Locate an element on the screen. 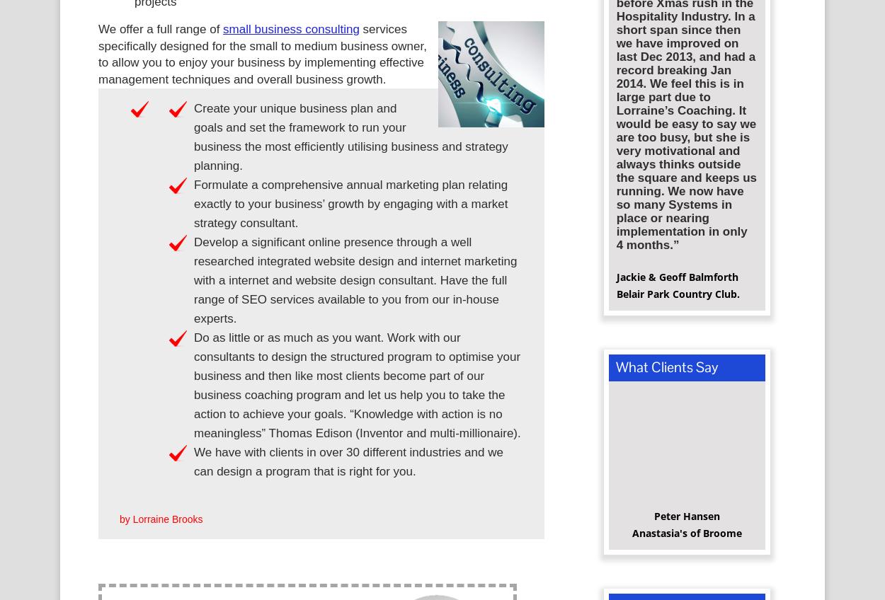 The height and width of the screenshot is (600, 885). 'Develop a significant online presence through a well researched integrated website design and internet marketing with a internet and website design consultant. Have the full range of SEO services available to you from our in-house experts.' is located at coordinates (355, 284).